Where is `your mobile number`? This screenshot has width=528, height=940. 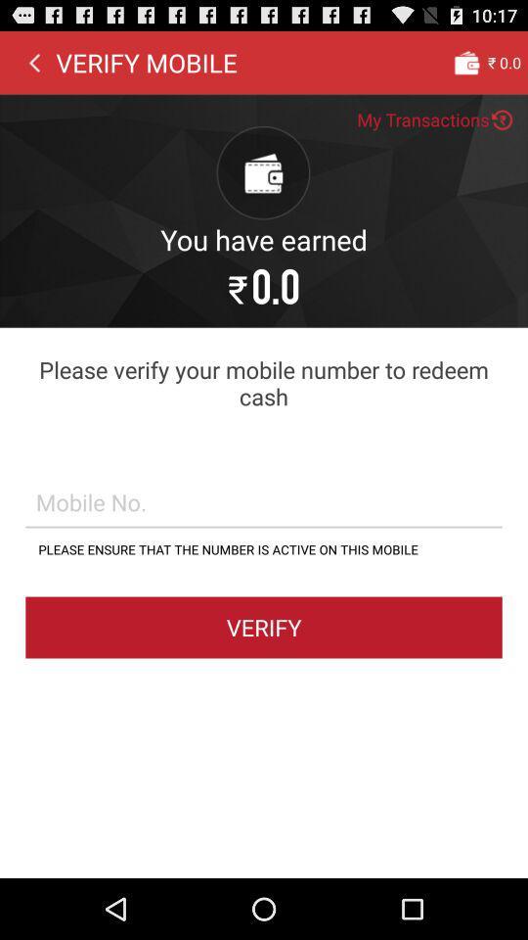
your mobile number is located at coordinates (264, 500).